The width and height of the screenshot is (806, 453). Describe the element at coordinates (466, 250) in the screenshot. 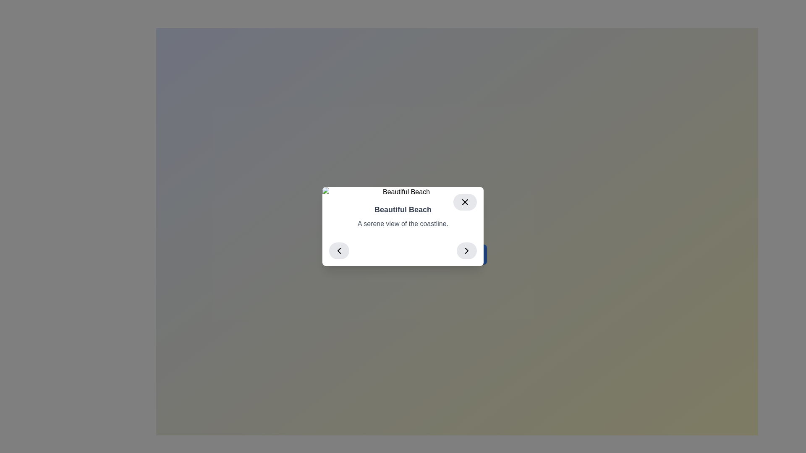

I see `the navigation button with a chevron icon located in the bottom right corner of the card-style user interface` at that location.